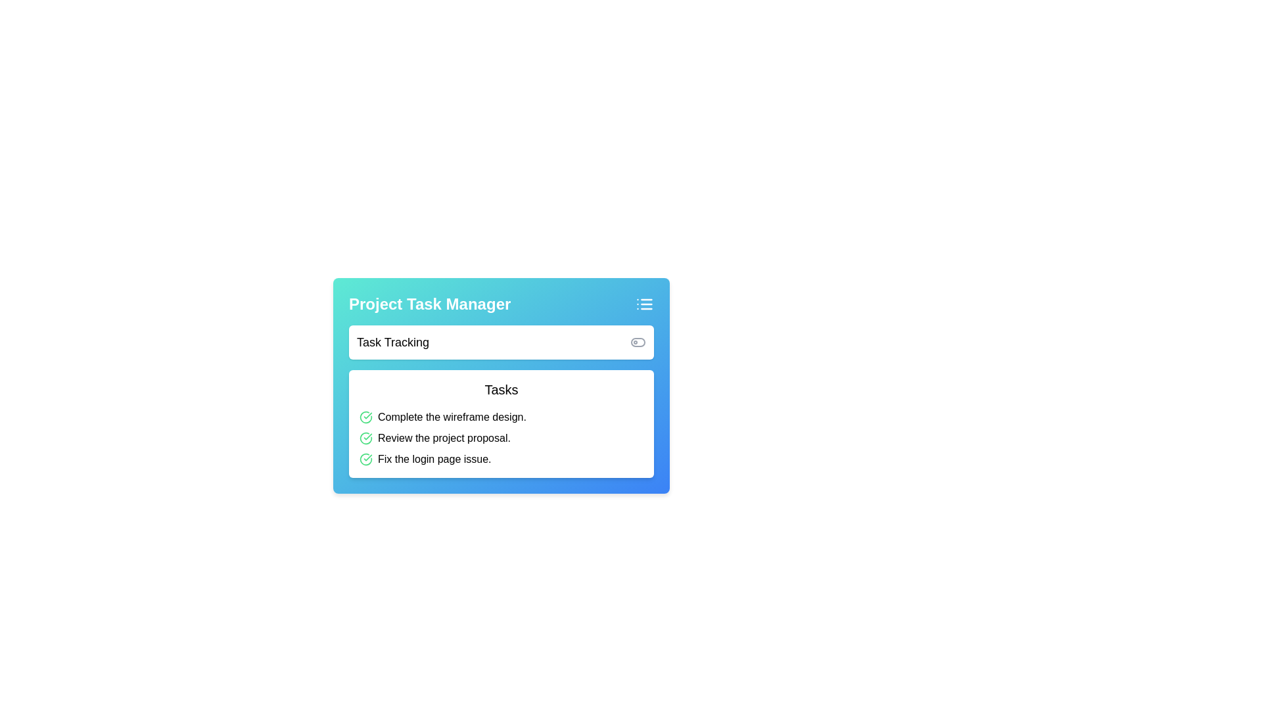  What do you see at coordinates (638, 341) in the screenshot?
I see `the toggle switch icon located at the far right of the 'Task Tracking' section to change its state` at bounding box center [638, 341].